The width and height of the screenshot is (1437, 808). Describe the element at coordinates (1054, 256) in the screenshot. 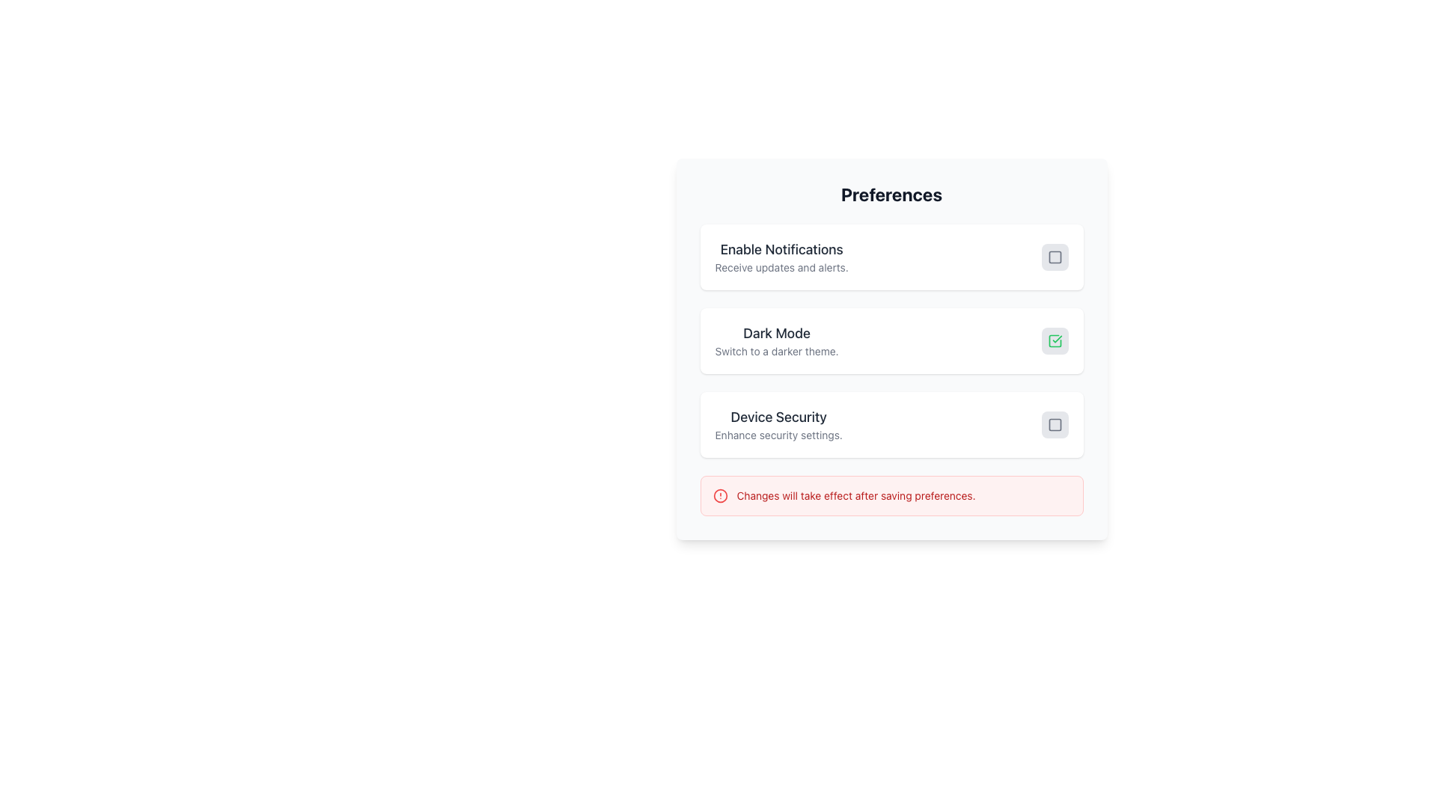

I see `the rounded square-shaped button with a light gray background located on the right side of the 'Enable Notifications' panel` at that location.